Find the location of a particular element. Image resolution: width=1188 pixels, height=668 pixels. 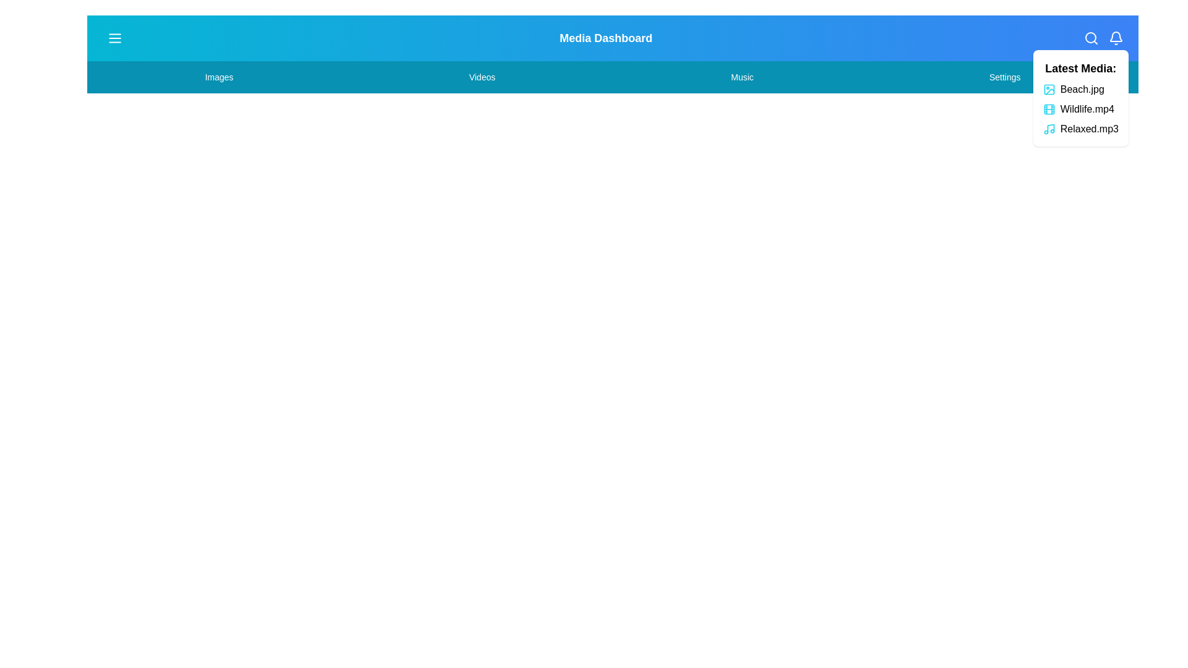

the menu item Settings by clicking on it is located at coordinates (1004, 77).